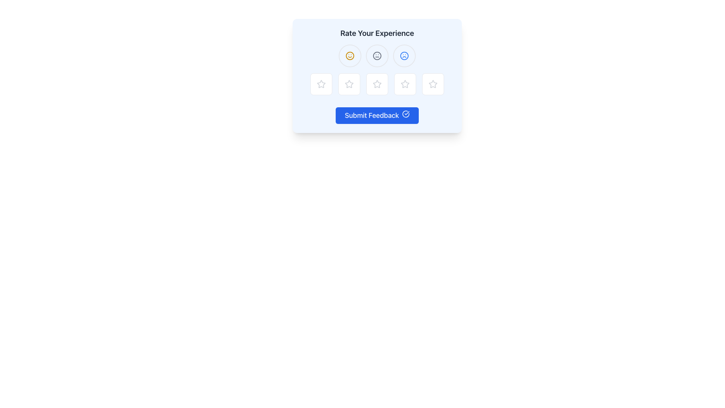 The width and height of the screenshot is (725, 408). What do you see at coordinates (321, 84) in the screenshot?
I see `the first star-shaped rating button in the interactive rating component` at bounding box center [321, 84].